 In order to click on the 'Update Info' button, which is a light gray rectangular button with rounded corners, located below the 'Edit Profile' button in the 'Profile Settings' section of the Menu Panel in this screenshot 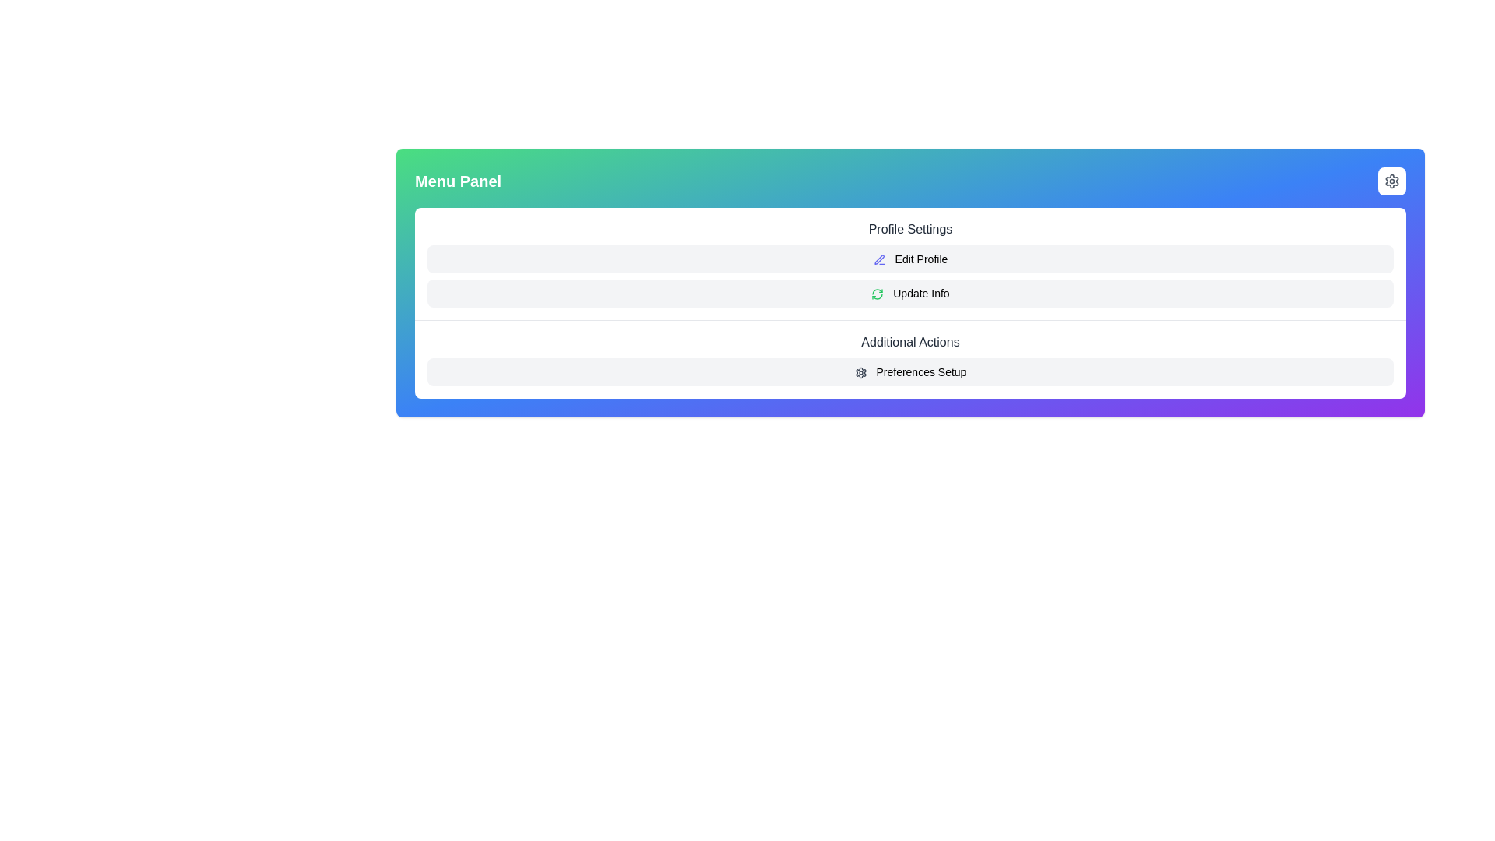, I will do `click(910, 294)`.